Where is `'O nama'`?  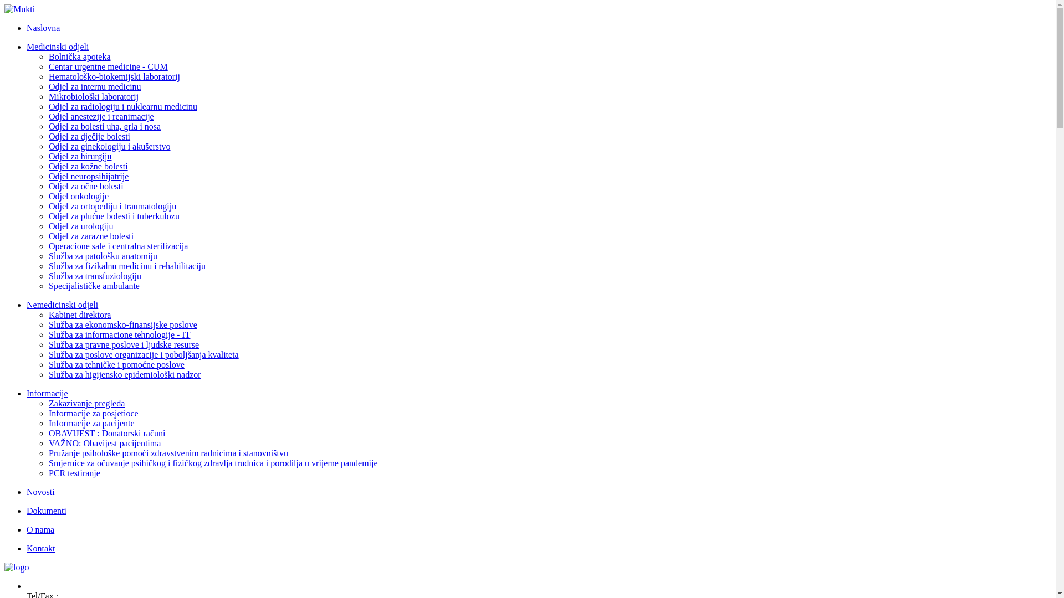 'O nama' is located at coordinates (40, 529).